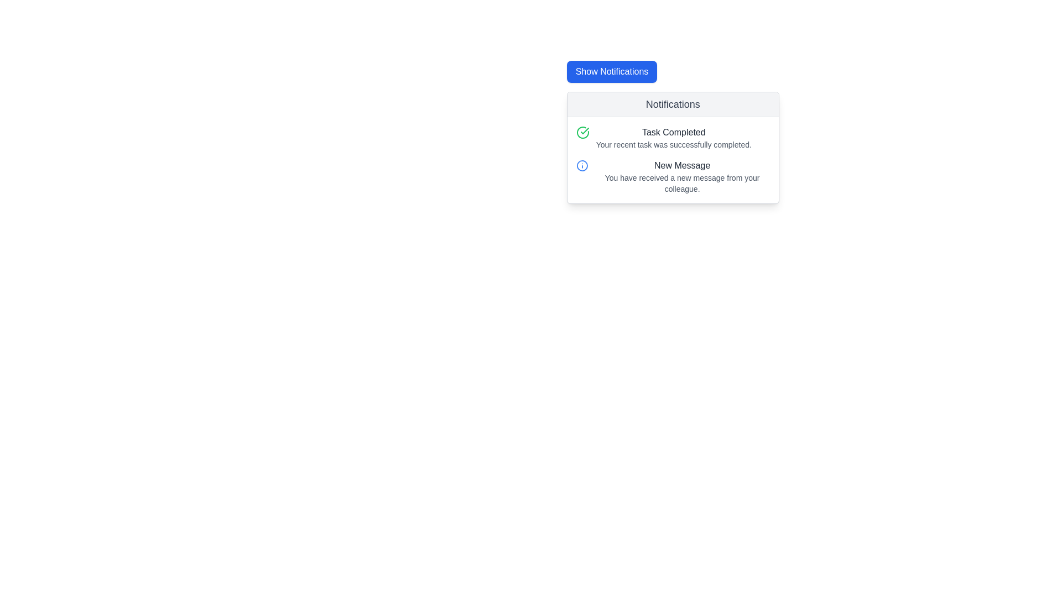 The height and width of the screenshot is (597, 1062). Describe the element at coordinates (673, 138) in the screenshot. I see `the Notification Message that contains the title 'Task Completed' and the descriptive text 'Your recent task was successfully completed.'` at that location.